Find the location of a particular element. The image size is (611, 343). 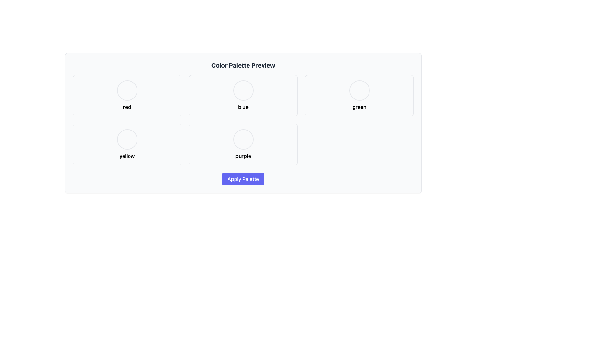

the blue color card in the Color Palette Preview section, which is the second card in the first row, positioned between the red and green cards is located at coordinates (243, 95).